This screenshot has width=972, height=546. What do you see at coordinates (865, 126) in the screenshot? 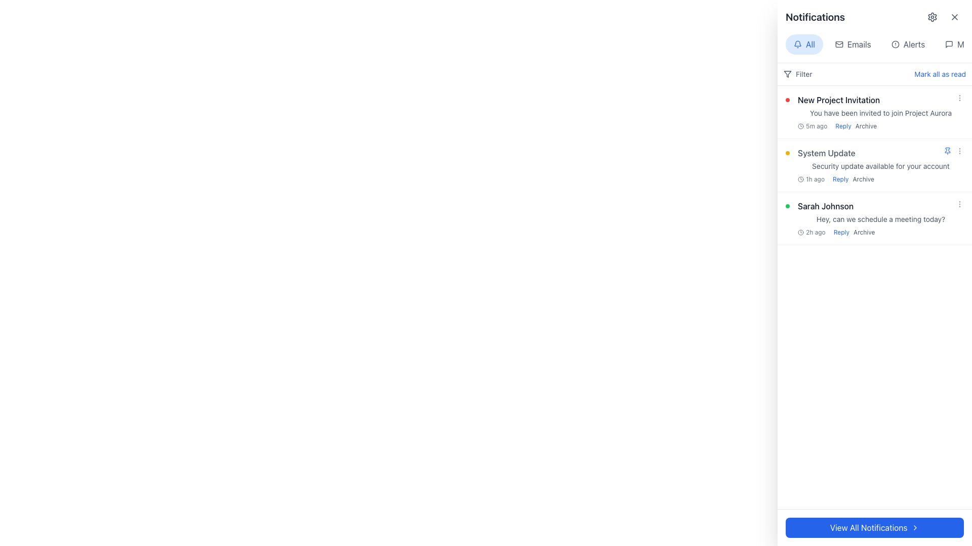
I see `the interactive text label displaying 'Archive' to change its color and indicate interactivity` at bounding box center [865, 126].